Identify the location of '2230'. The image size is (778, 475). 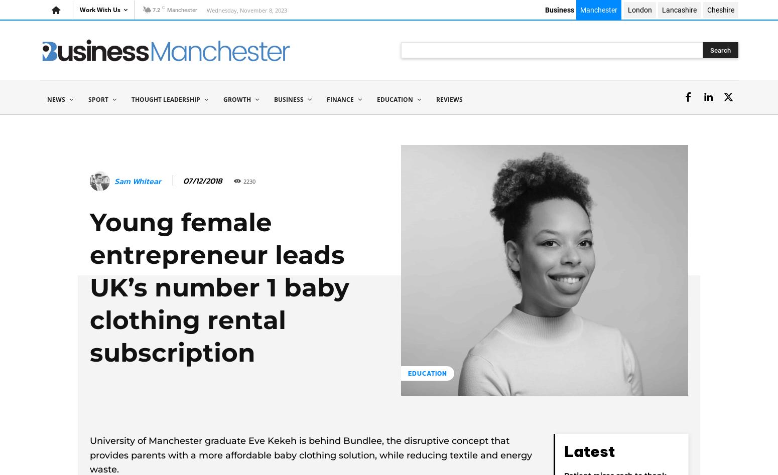
(248, 180).